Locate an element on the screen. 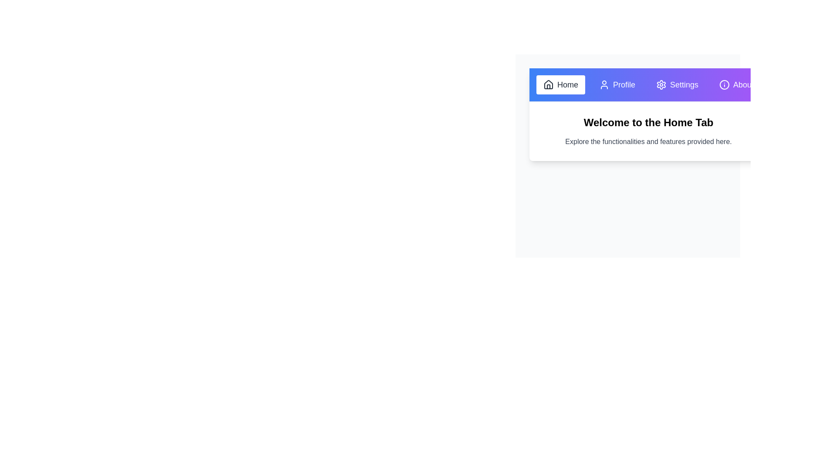 The height and width of the screenshot is (470, 836). the home link icon located in the top-left section of the navigation menu, positioned to the left of the text 'Home' is located at coordinates (548, 85).